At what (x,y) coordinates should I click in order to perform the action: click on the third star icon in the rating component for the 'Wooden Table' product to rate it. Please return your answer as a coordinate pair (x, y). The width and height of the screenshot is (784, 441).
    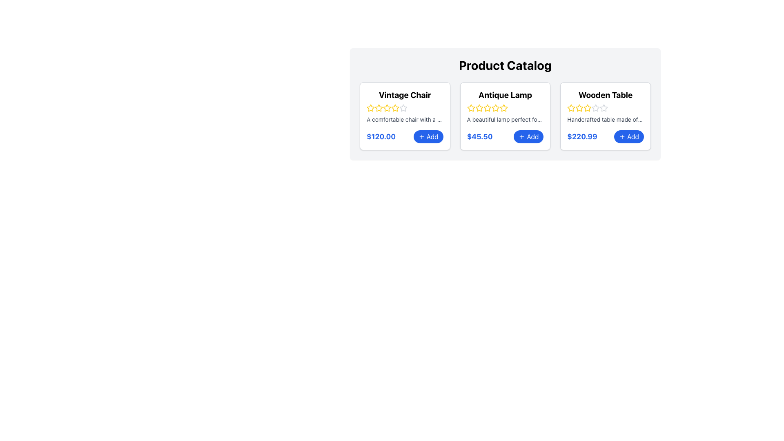
    Looking at the image, I should click on (587, 107).